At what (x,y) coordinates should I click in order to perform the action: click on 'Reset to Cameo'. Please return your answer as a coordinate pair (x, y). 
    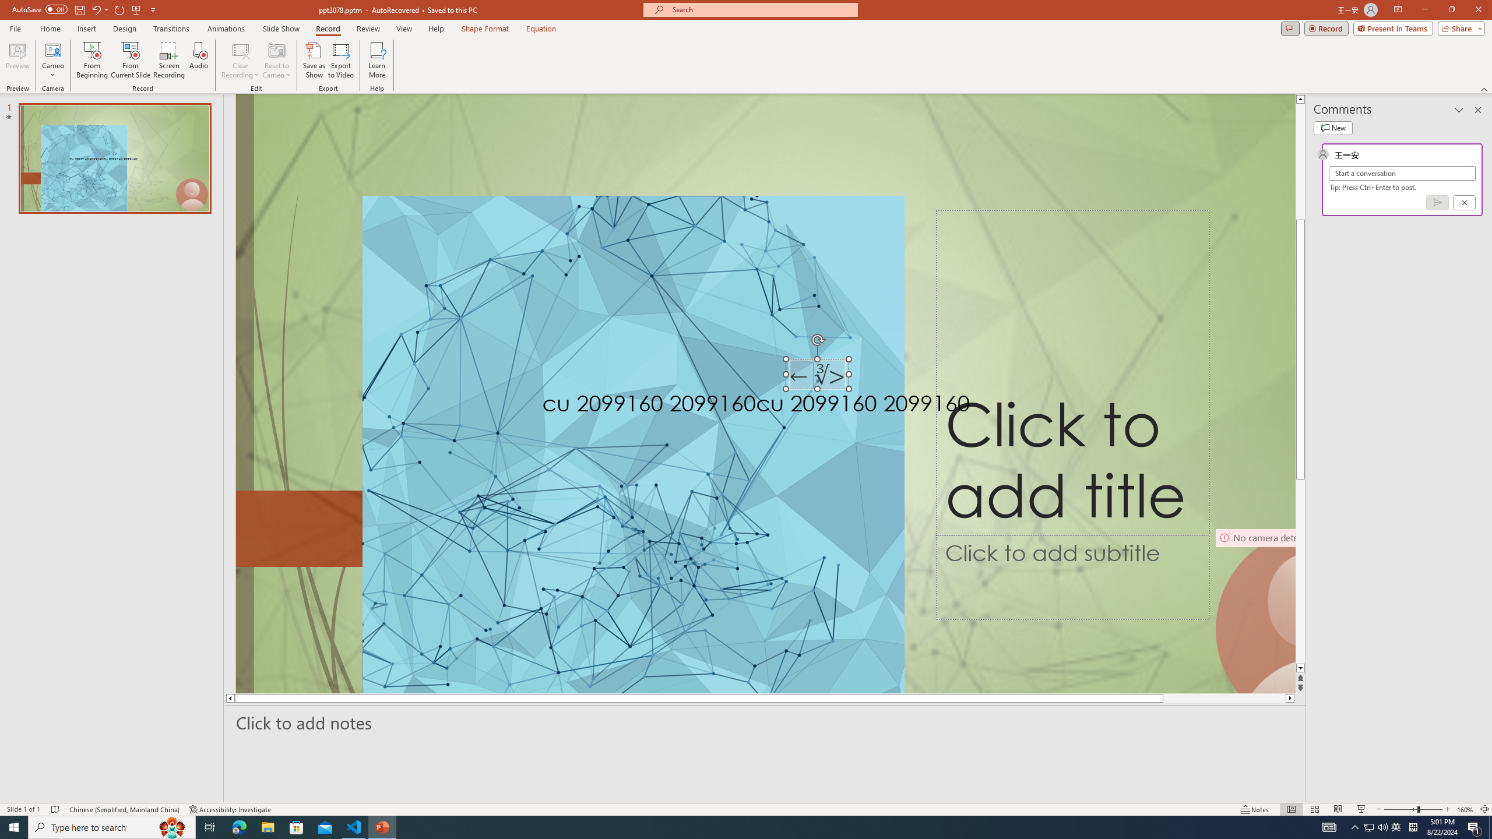
    Looking at the image, I should click on (276, 60).